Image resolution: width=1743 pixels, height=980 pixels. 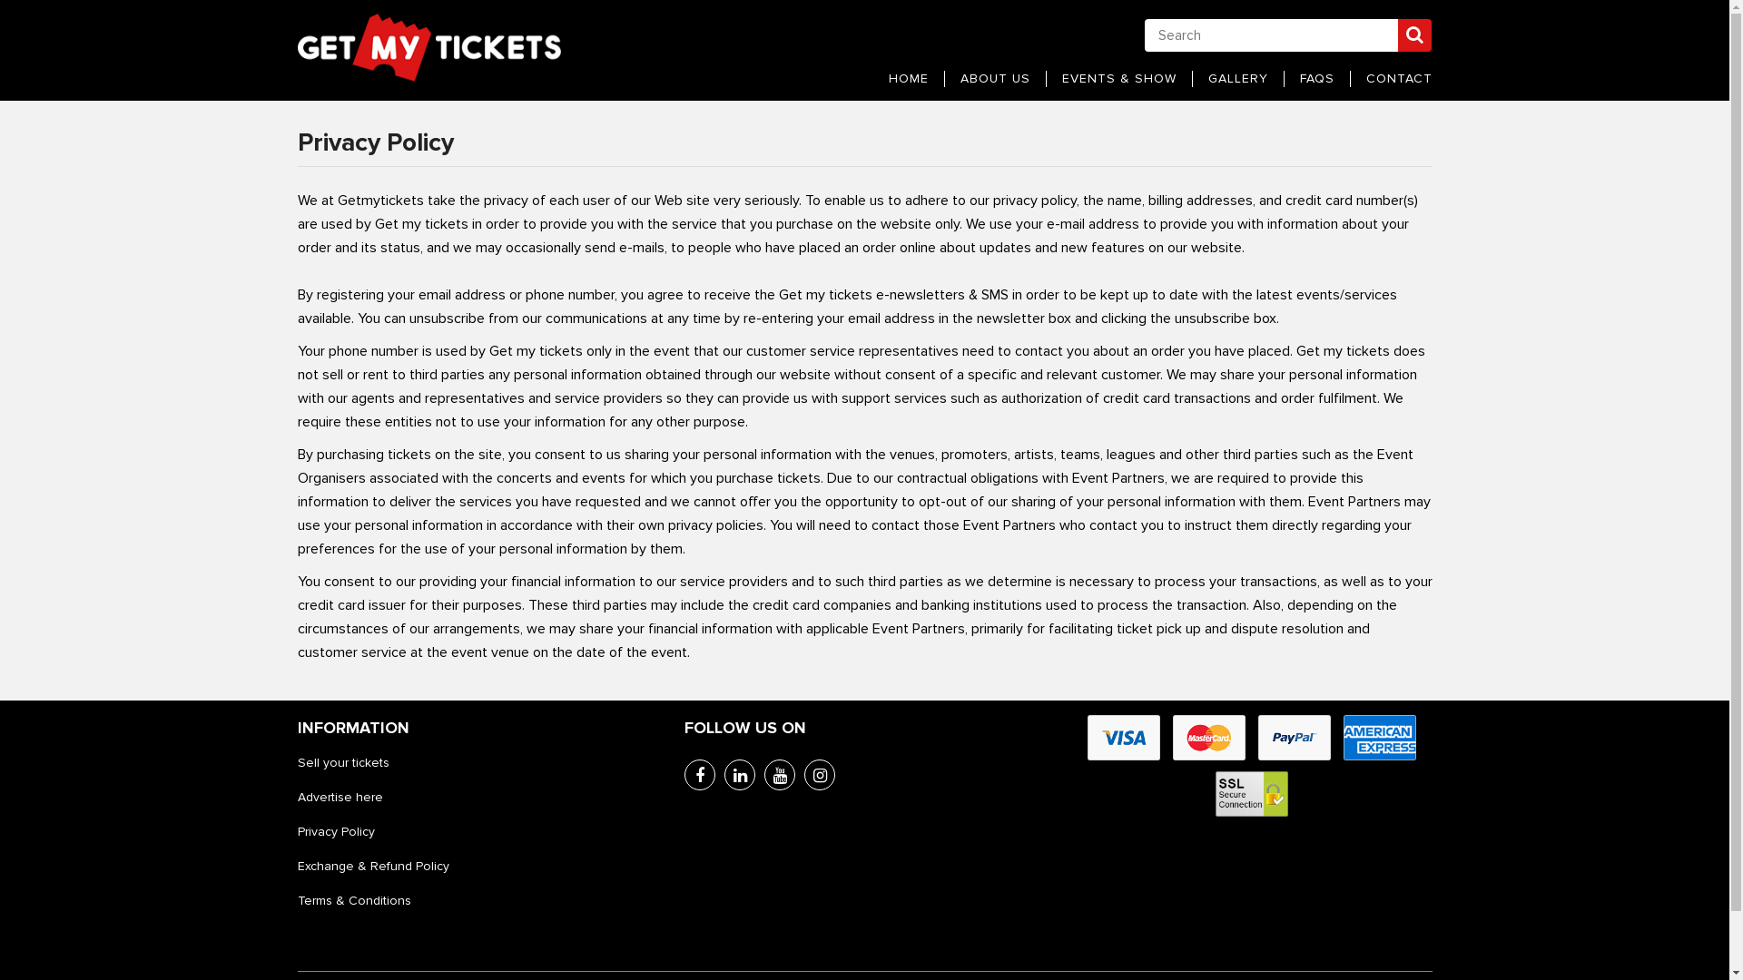 What do you see at coordinates (1397, 78) in the screenshot?
I see `'CONTACT'` at bounding box center [1397, 78].